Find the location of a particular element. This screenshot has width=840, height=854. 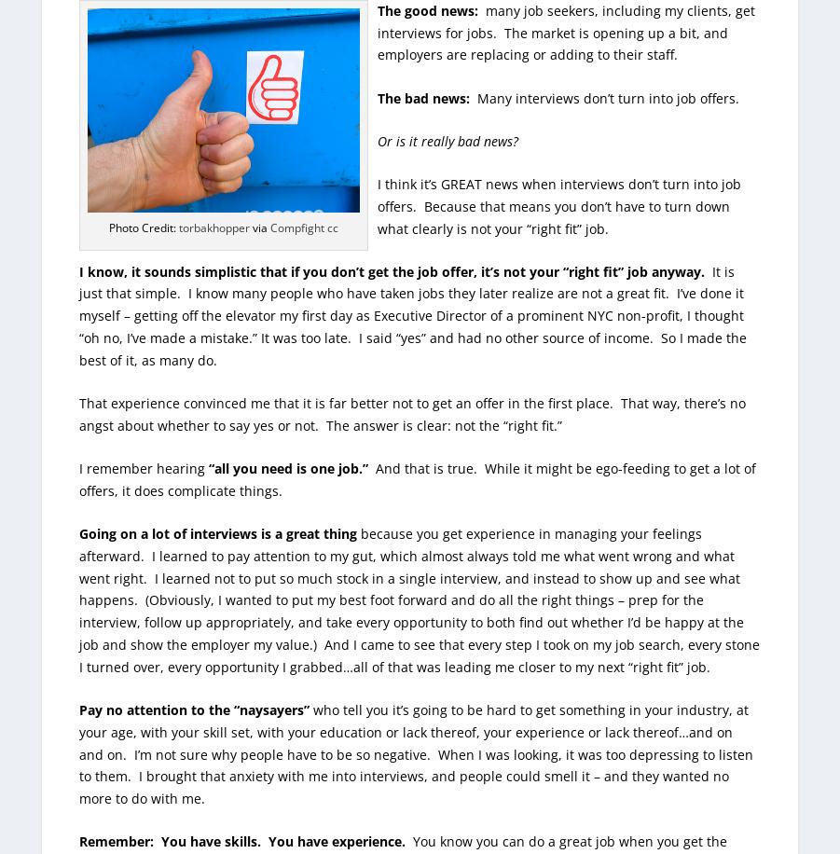

'The good news:' is located at coordinates (427, 9).